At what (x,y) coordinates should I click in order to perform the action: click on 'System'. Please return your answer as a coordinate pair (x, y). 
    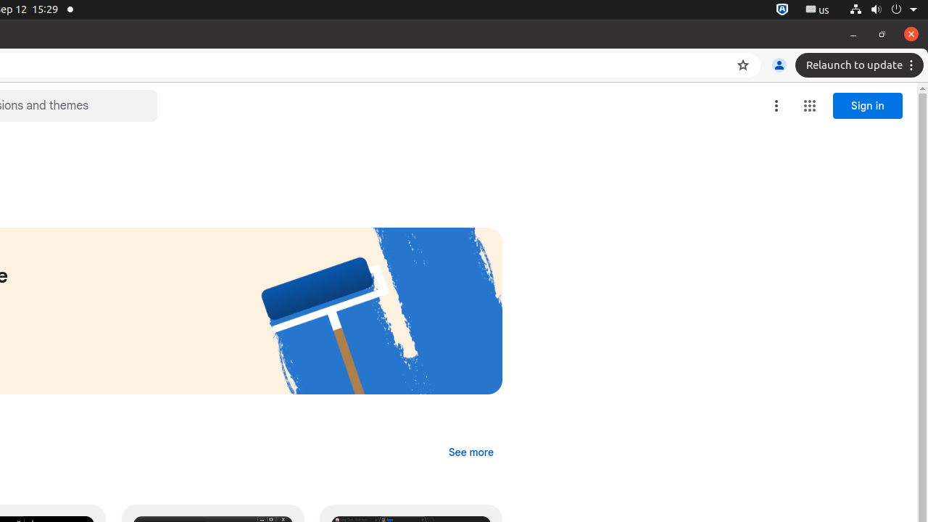
    Looking at the image, I should click on (882, 9).